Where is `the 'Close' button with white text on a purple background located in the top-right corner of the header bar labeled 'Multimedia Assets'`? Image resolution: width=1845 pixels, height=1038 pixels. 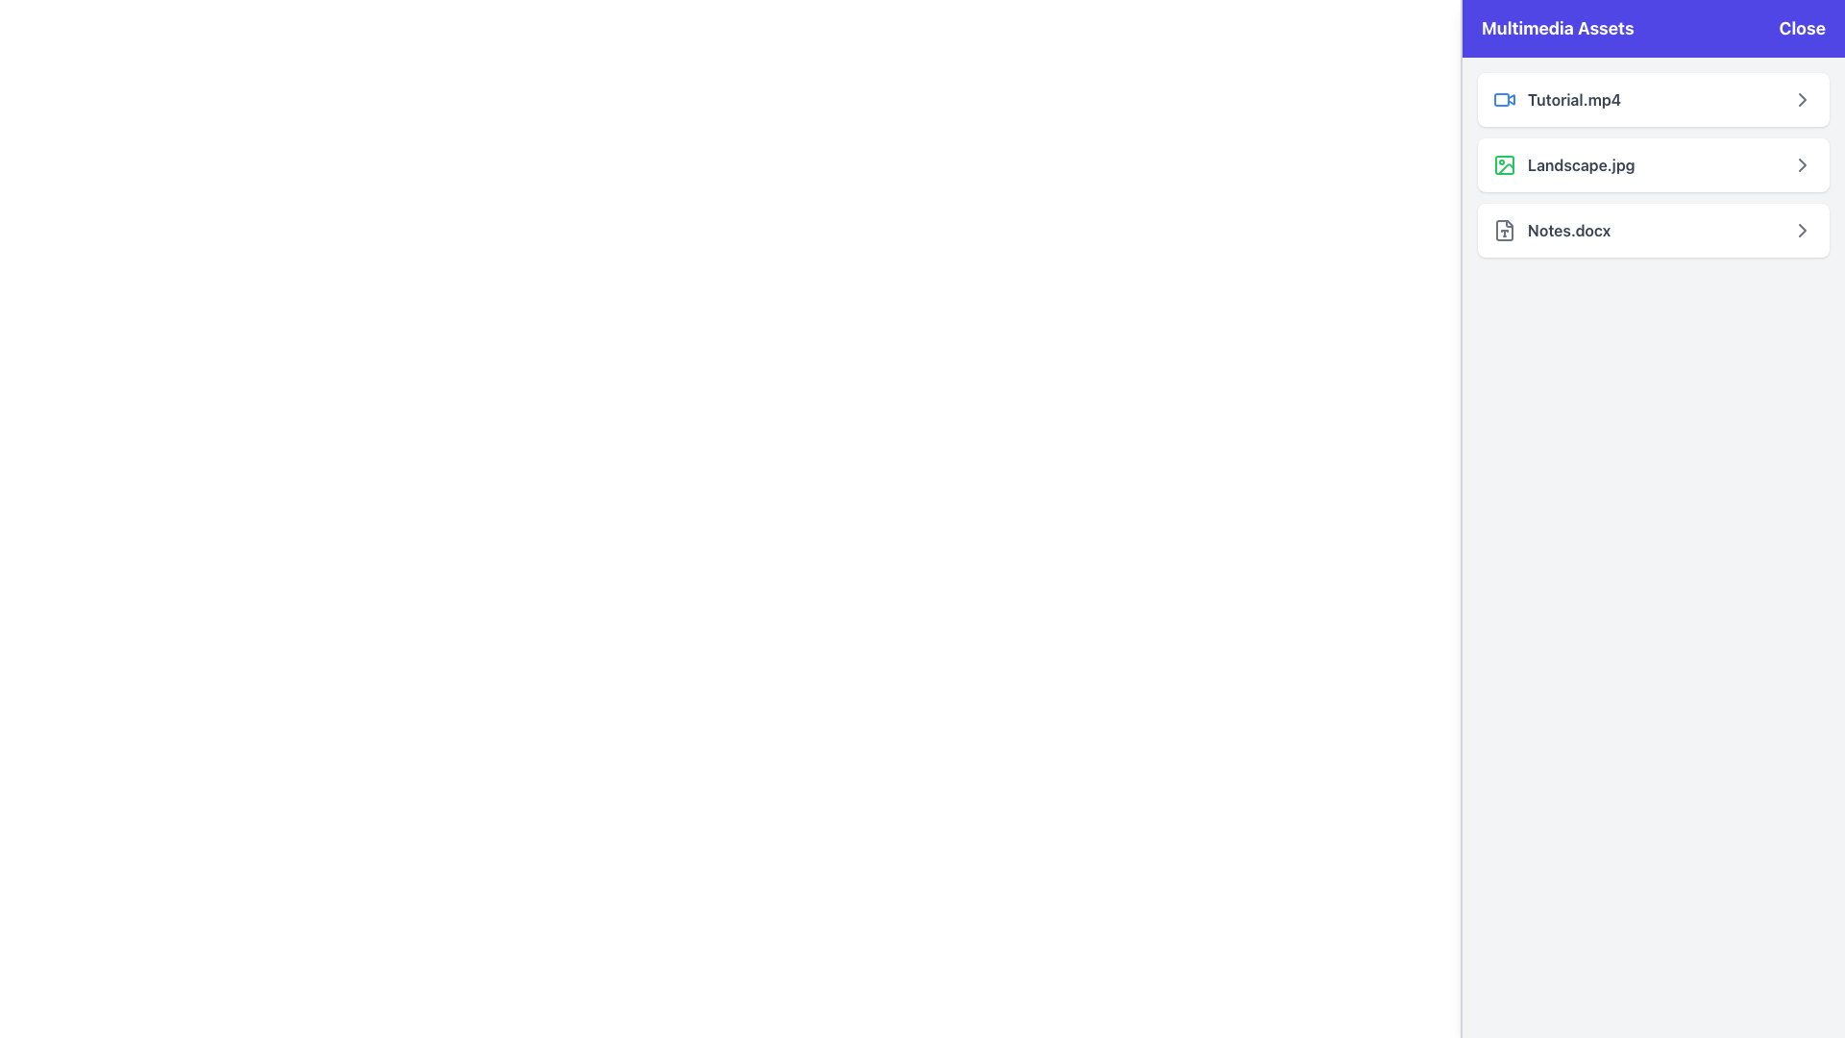
the 'Close' button with white text on a purple background located in the top-right corner of the header bar labeled 'Multimedia Assets' is located at coordinates (1801, 29).